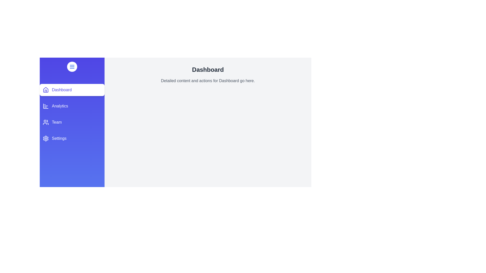  Describe the element at coordinates (72, 122) in the screenshot. I see `the section Team from the navigation menu` at that location.